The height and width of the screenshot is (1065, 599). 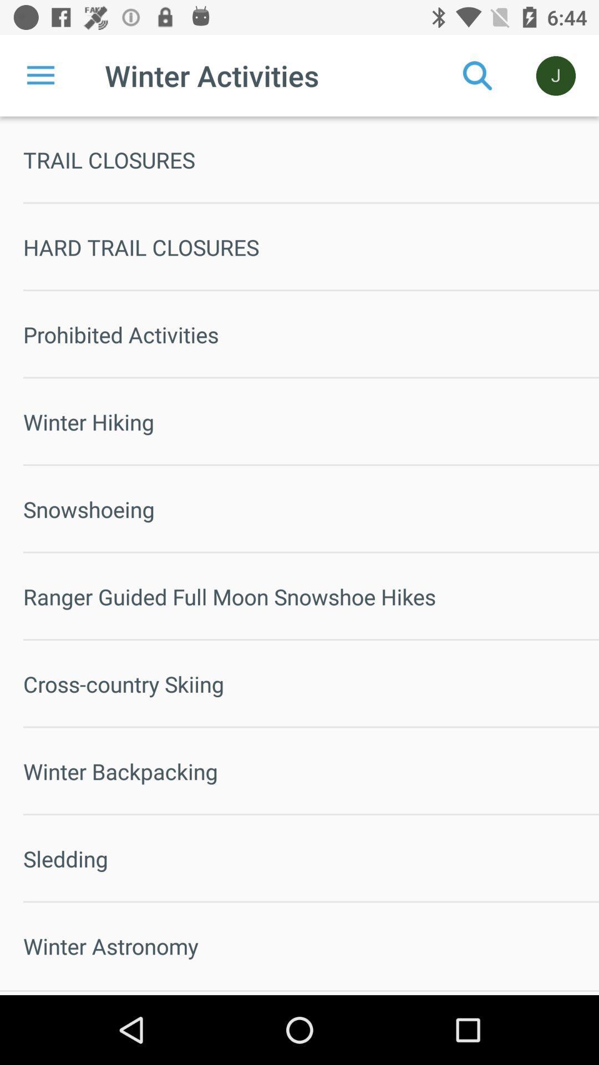 What do you see at coordinates (311, 509) in the screenshot?
I see `snowshoeing` at bounding box center [311, 509].